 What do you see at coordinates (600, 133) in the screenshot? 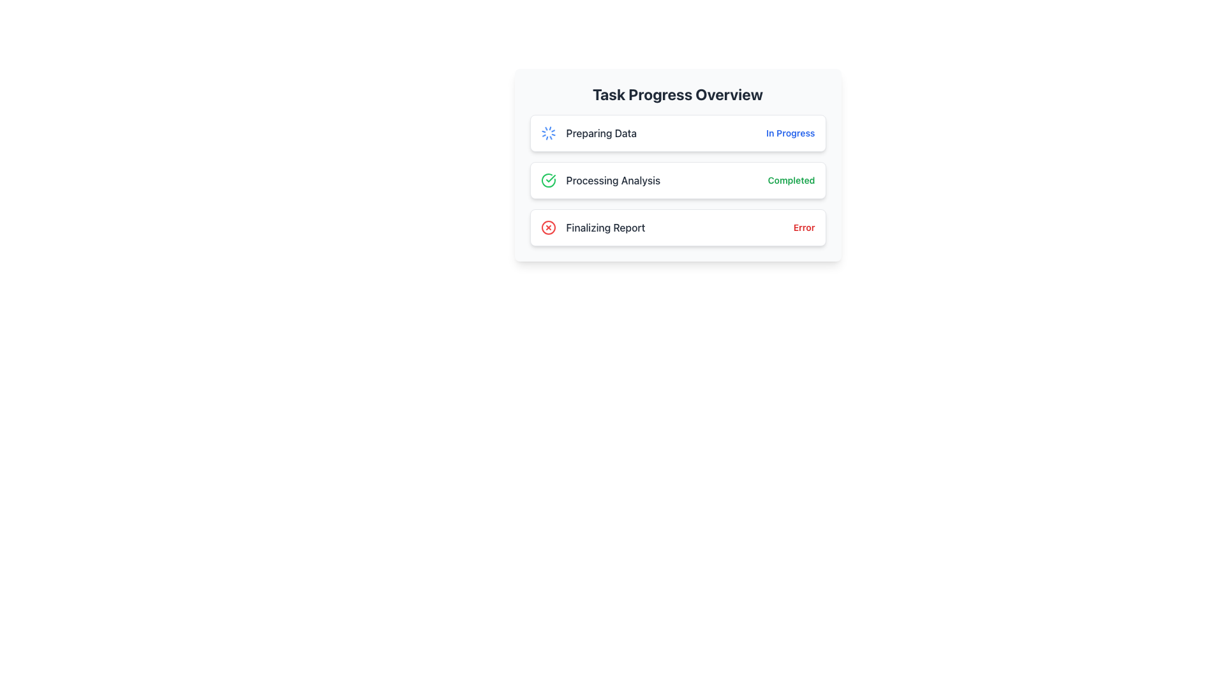
I see `the 'Preparing Data' text label, which is a medium-sized dark gray font in a clean sans-serif typeface, located in the uppermost row of a progress overview box, to the right of a spinning loader icon` at bounding box center [600, 133].